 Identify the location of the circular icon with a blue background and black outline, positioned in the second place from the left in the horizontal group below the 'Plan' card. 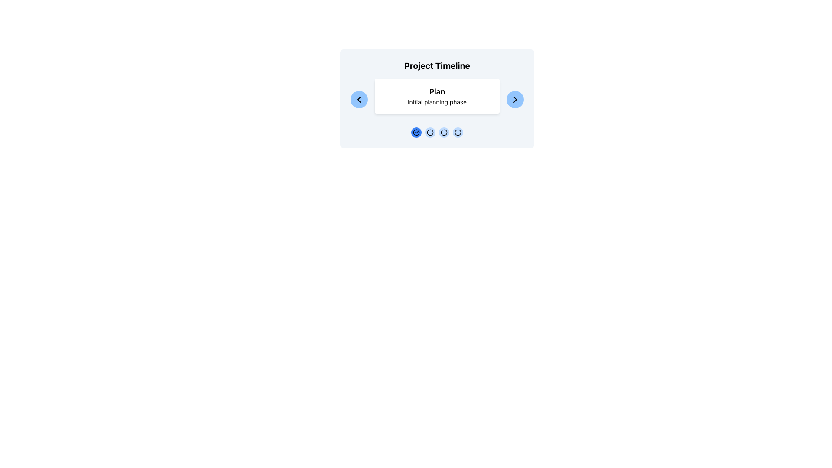
(430, 132).